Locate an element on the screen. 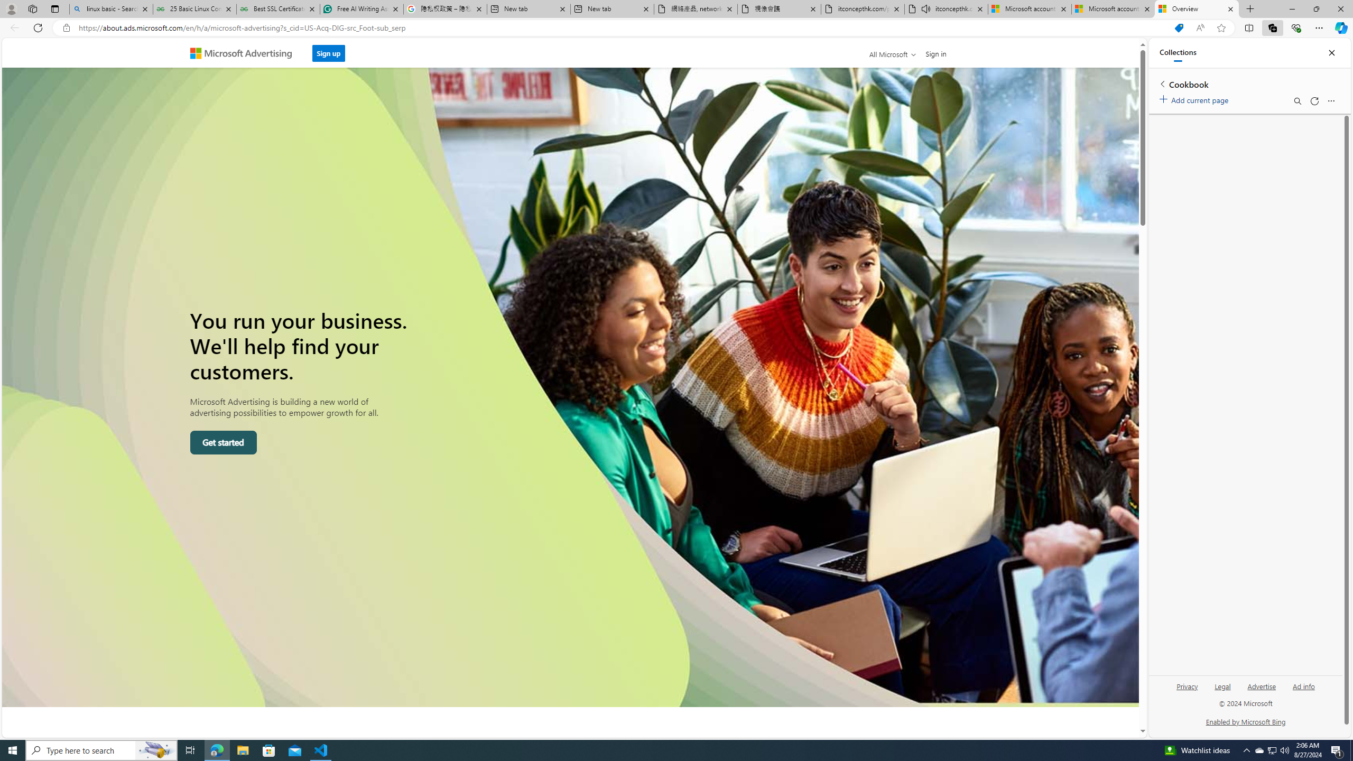 The width and height of the screenshot is (1353, 761). '25 Basic Linux Commands For Beginners - GeeksforGeeks' is located at coordinates (194, 8).